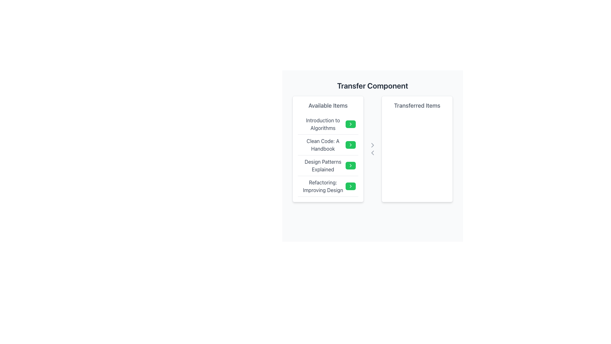  Describe the element at coordinates (373, 153) in the screenshot. I see `the second icon in the vertical stack that initiates the transfer of selected items from the 'Transferred Items' section back to the 'Available Items' section` at that location.